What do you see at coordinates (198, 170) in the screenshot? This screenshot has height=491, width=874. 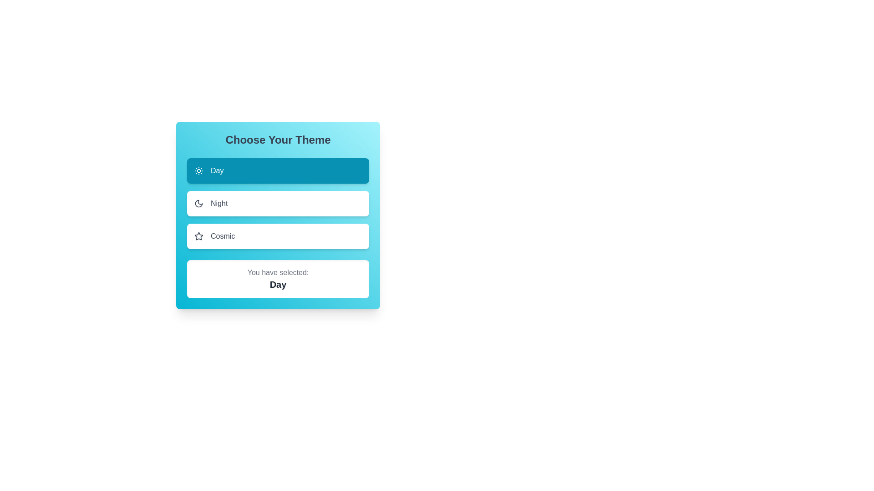 I see `the circular sun icon located within the uppermost rounded rectangular button labeled 'Day'` at bounding box center [198, 170].